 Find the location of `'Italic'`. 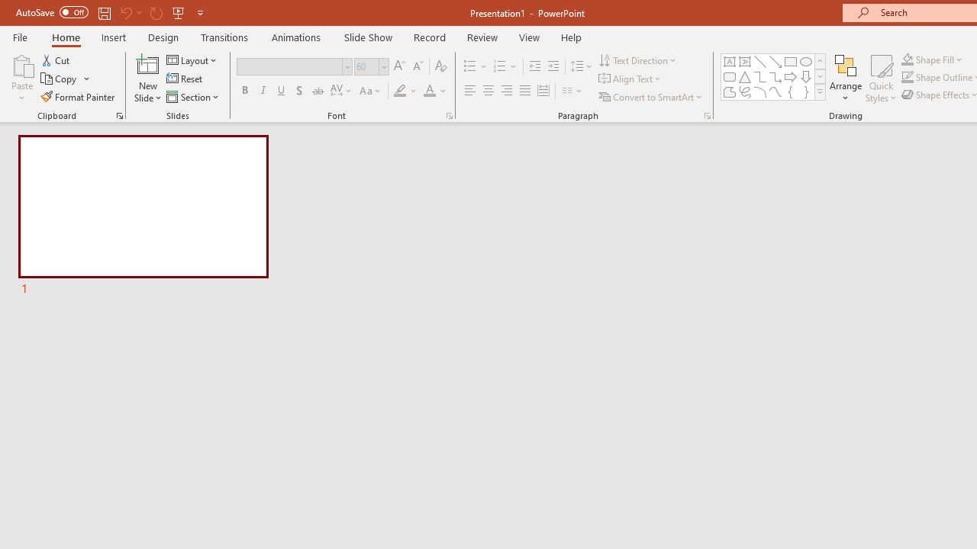

'Italic' is located at coordinates (263, 91).